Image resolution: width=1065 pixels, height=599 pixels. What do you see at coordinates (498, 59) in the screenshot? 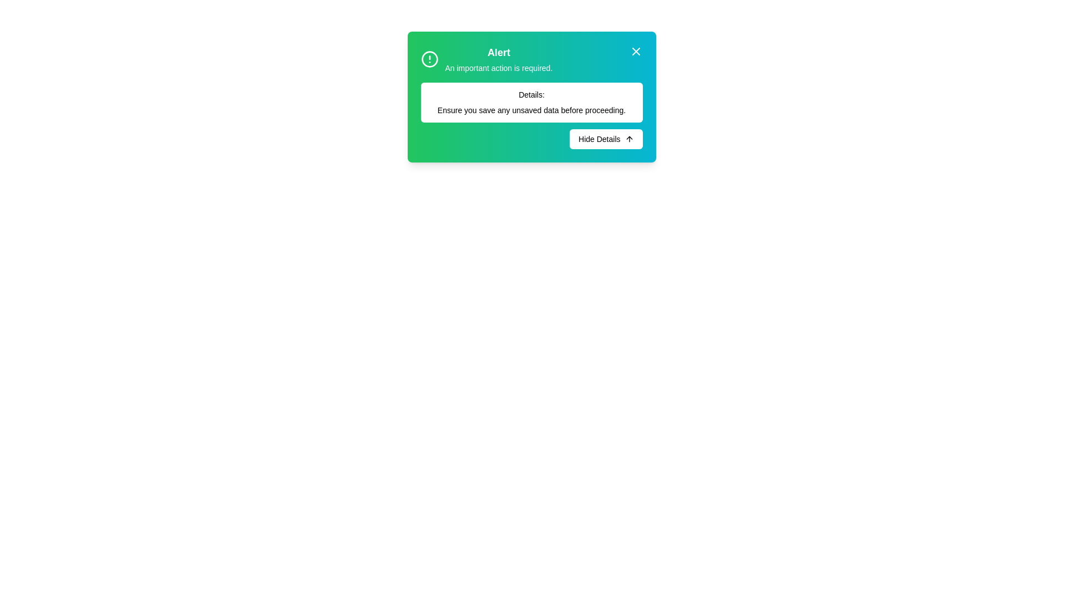
I see `text displayed in the notification title, which informs the user of an important action required` at bounding box center [498, 59].